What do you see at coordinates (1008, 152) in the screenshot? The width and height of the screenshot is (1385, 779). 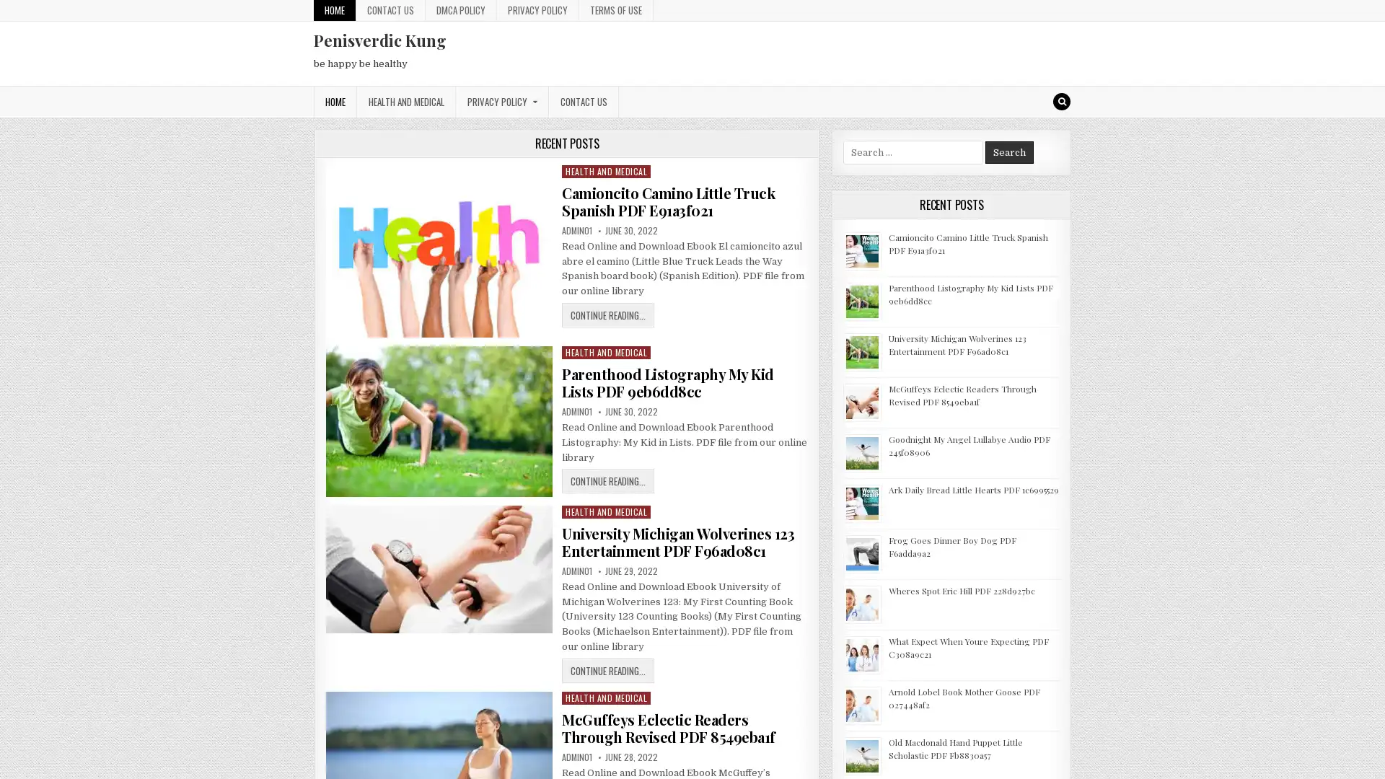 I see `Search` at bounding box center [1008, 152].